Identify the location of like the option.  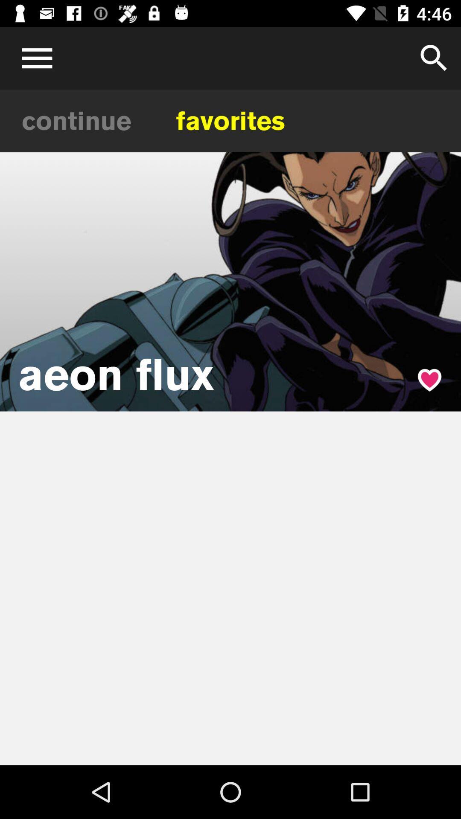
(429, 380).